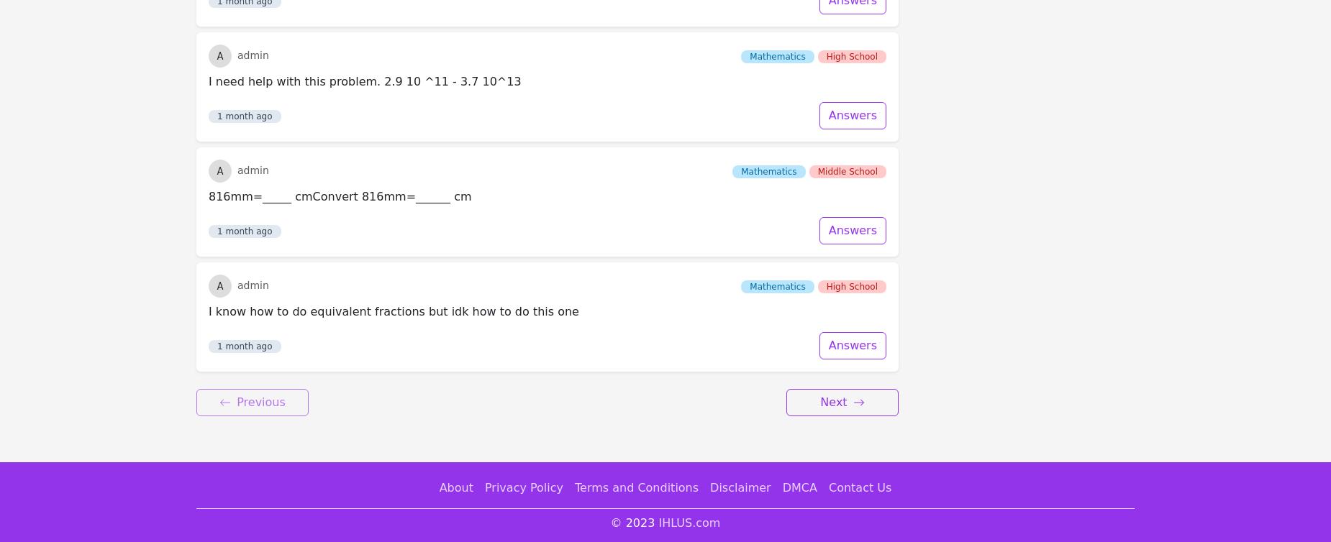 The image size is (1331, 542). Describe the element at coordinates (858, 334) in the screenshot. I see `'Contact Us'` at that location.